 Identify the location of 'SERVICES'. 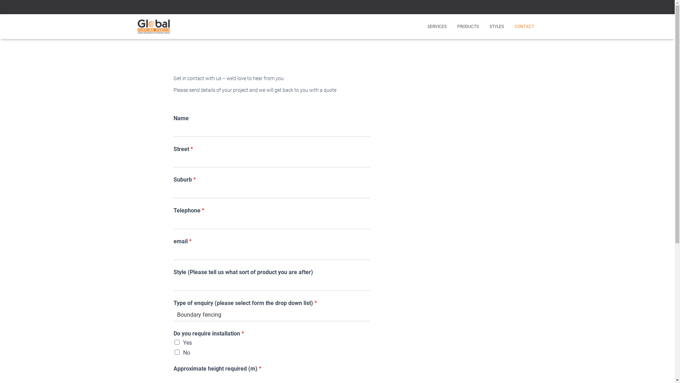
(436, 26).